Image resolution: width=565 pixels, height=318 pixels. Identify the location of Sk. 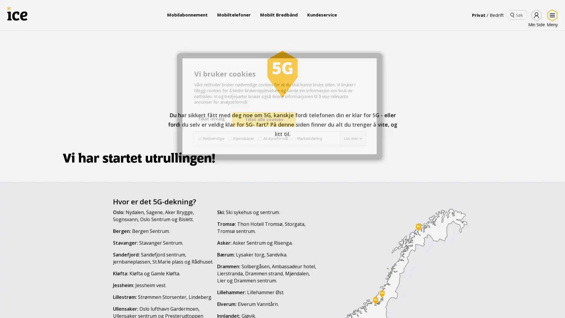
(512, 14).